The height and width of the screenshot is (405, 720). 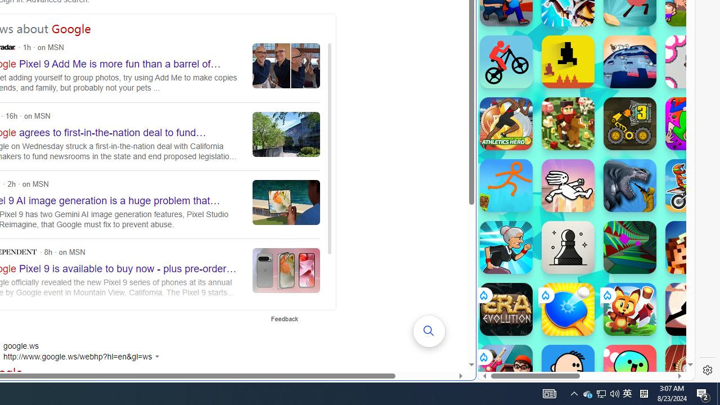 What do you see at coordinates (568, 123) in the screenshot?
I see `'Apple Knight: Farmers Market Apple Knight: Farmers Market'` at bounding box center [568, 123].